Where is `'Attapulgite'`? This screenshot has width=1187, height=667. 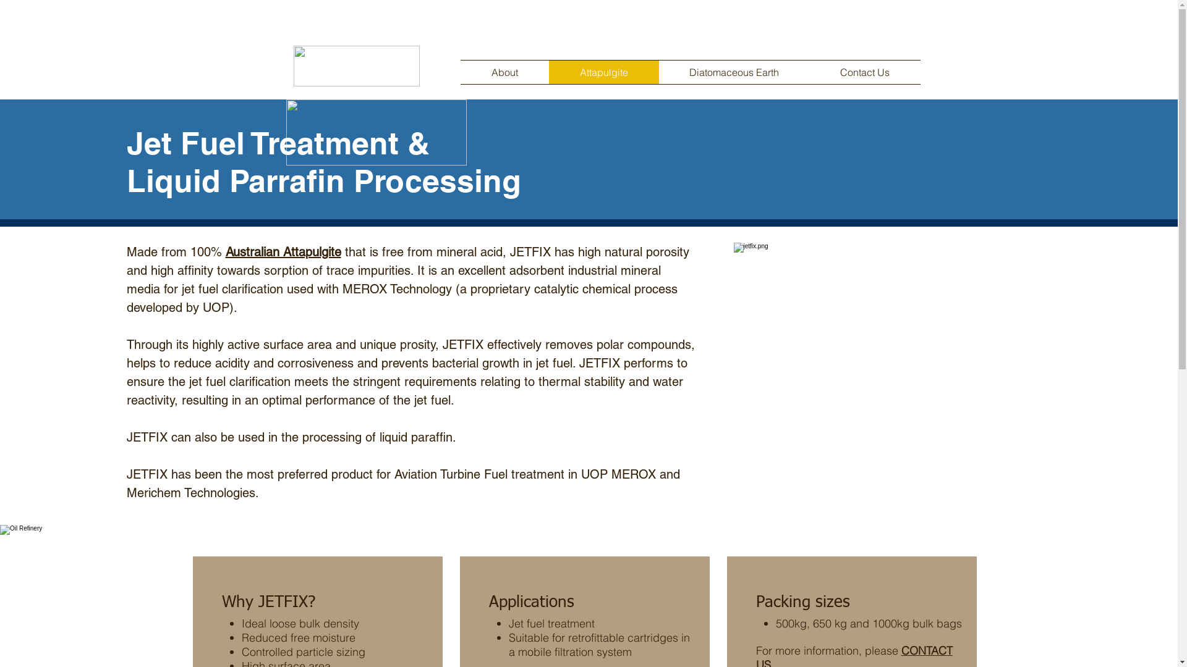
'Attapulgite' is located at coordinates (548, 72).